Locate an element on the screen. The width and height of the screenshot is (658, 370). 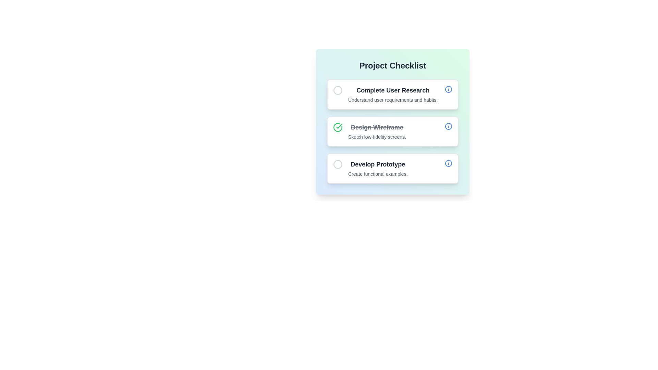
the text block element displaying the task details for 'Develop Prototype' within the checklist is located at coordinates (377, 169).